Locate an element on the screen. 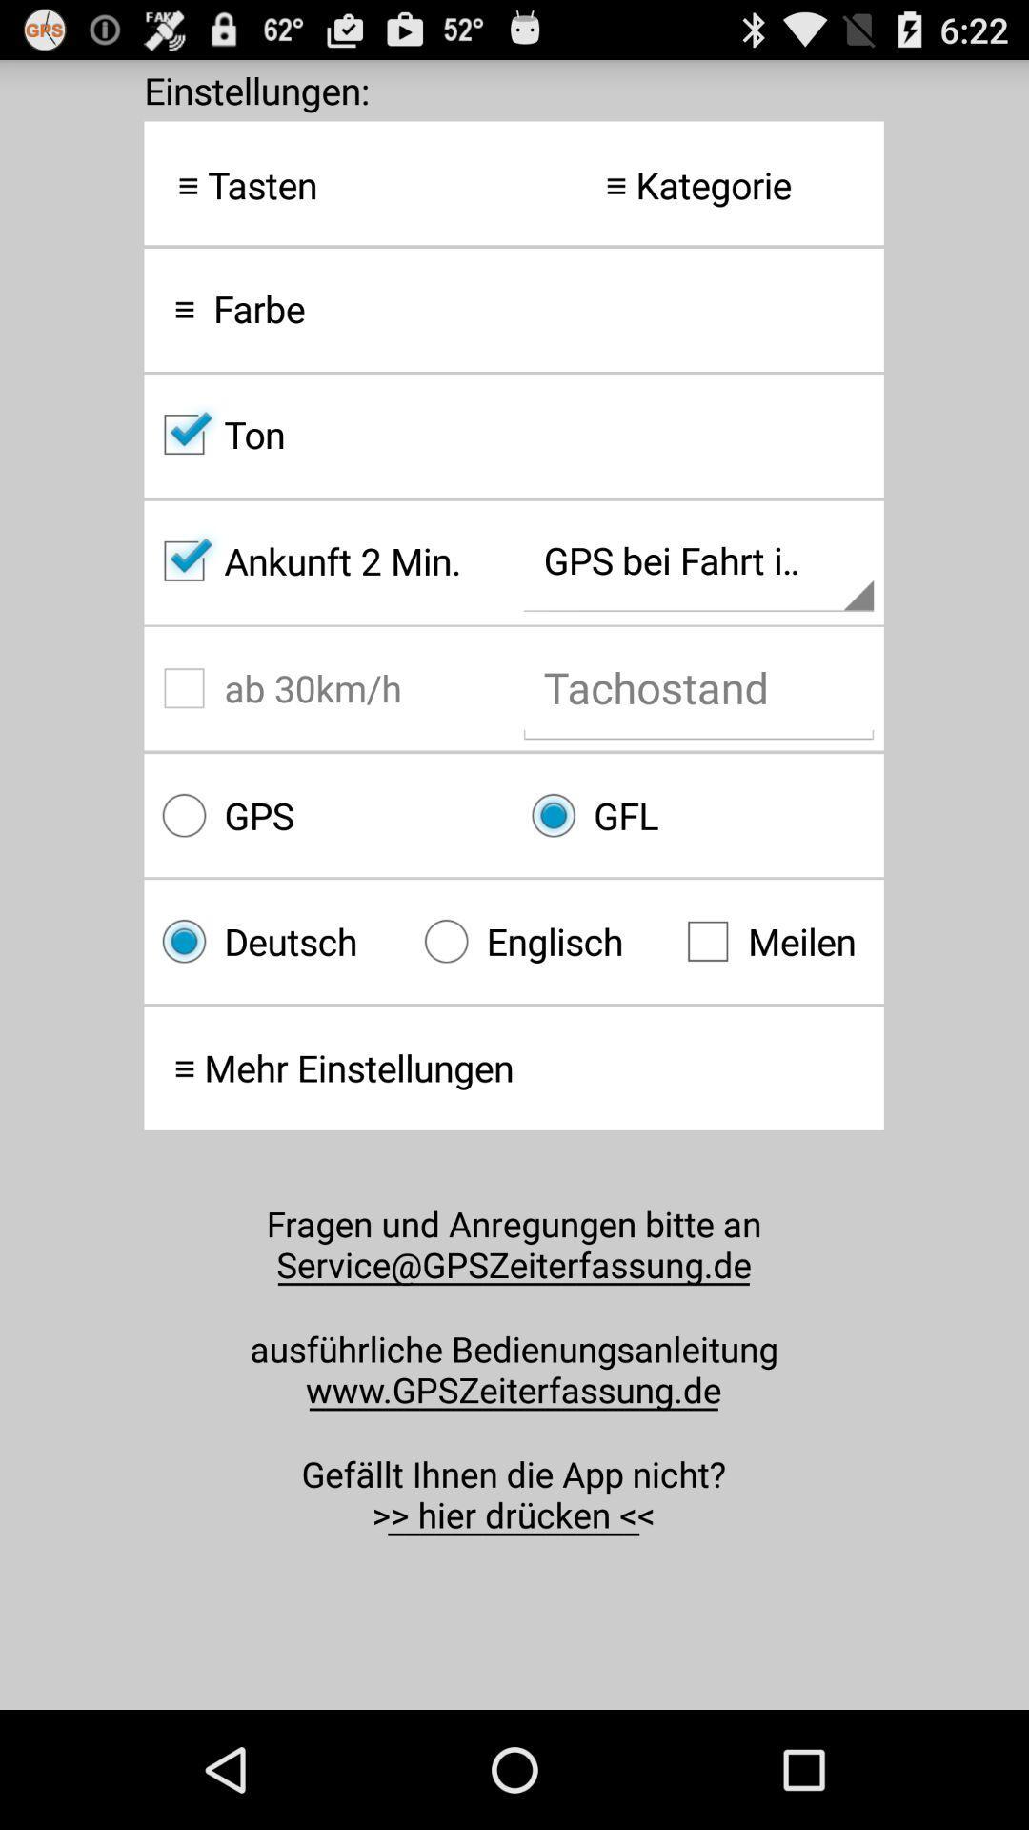 This screenshot has height=1830, width=1029. gfl icon is located at coordinates (698, 815).